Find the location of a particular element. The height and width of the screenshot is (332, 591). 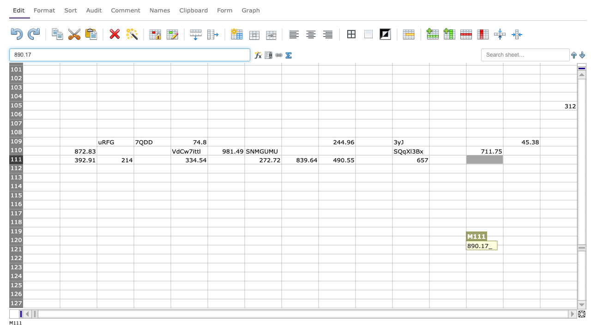

cell at column O row 121 is located at coordinates (558, 249).